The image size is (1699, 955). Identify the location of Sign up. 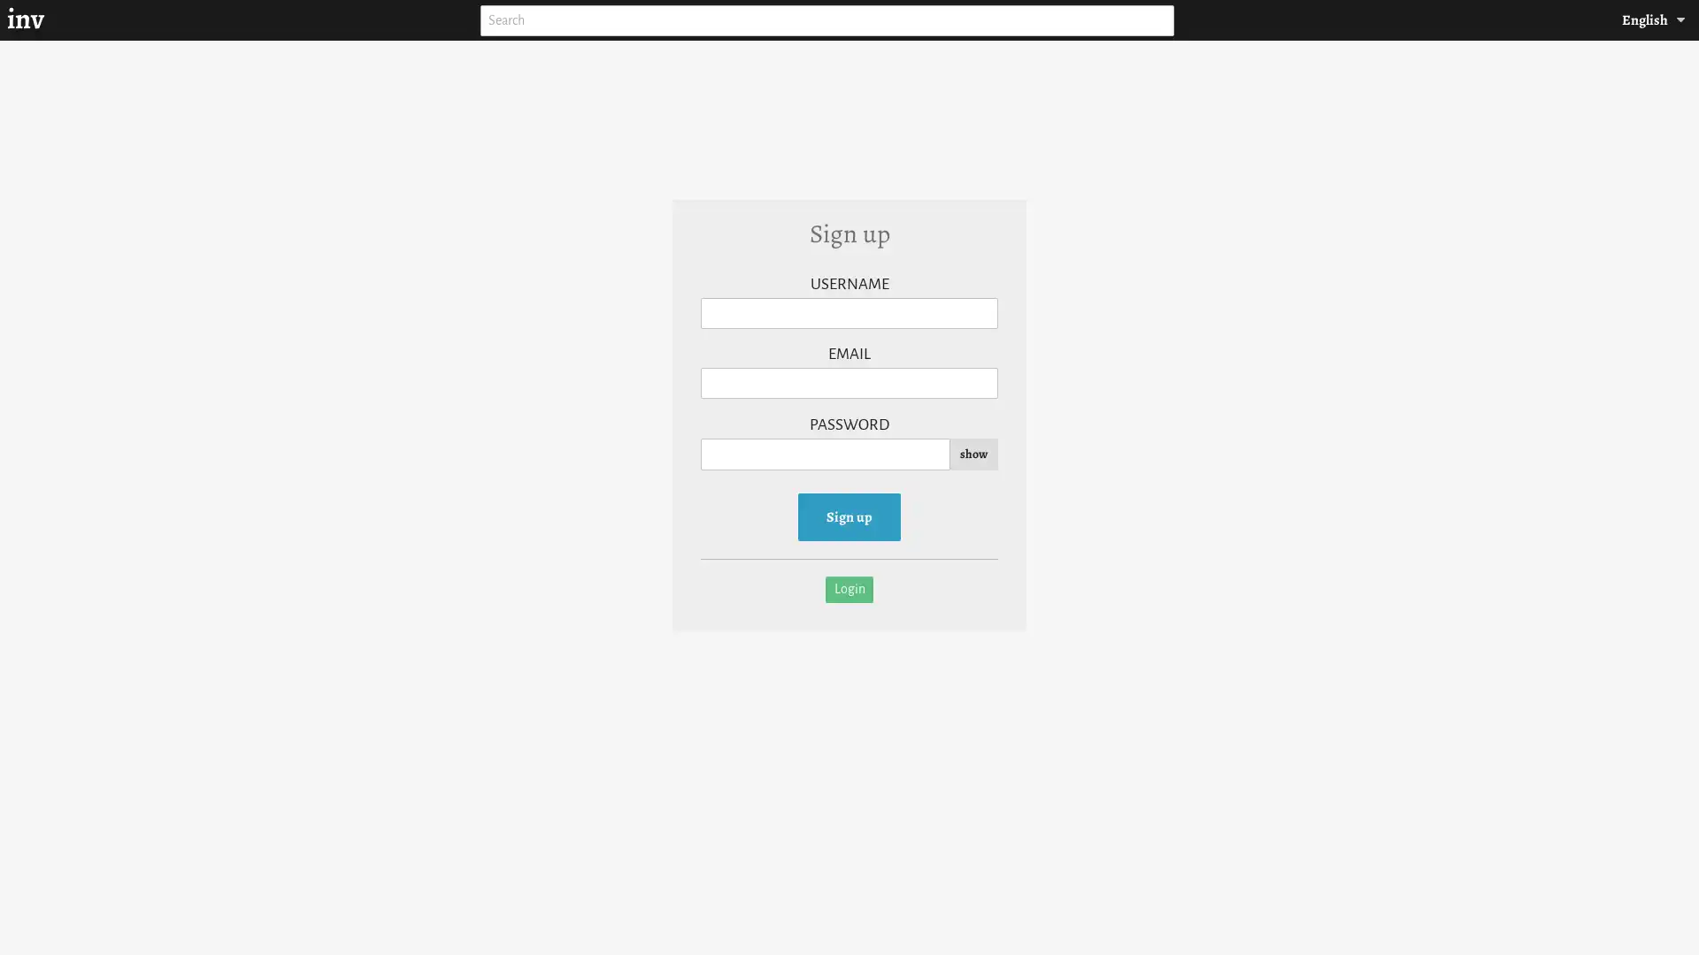
(849, 517).